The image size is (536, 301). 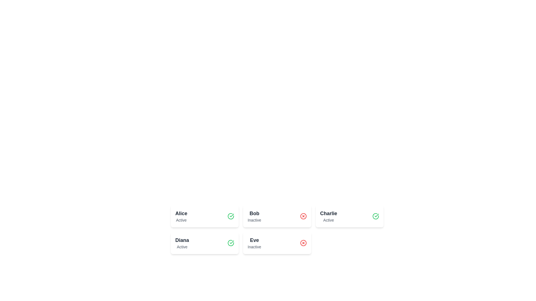 I want to click on the outermost arc of the green circular checkmark icon that indicates the active status of the entity labeled 'Diana', located at the bottom-left card, so click(x=231, y=216).